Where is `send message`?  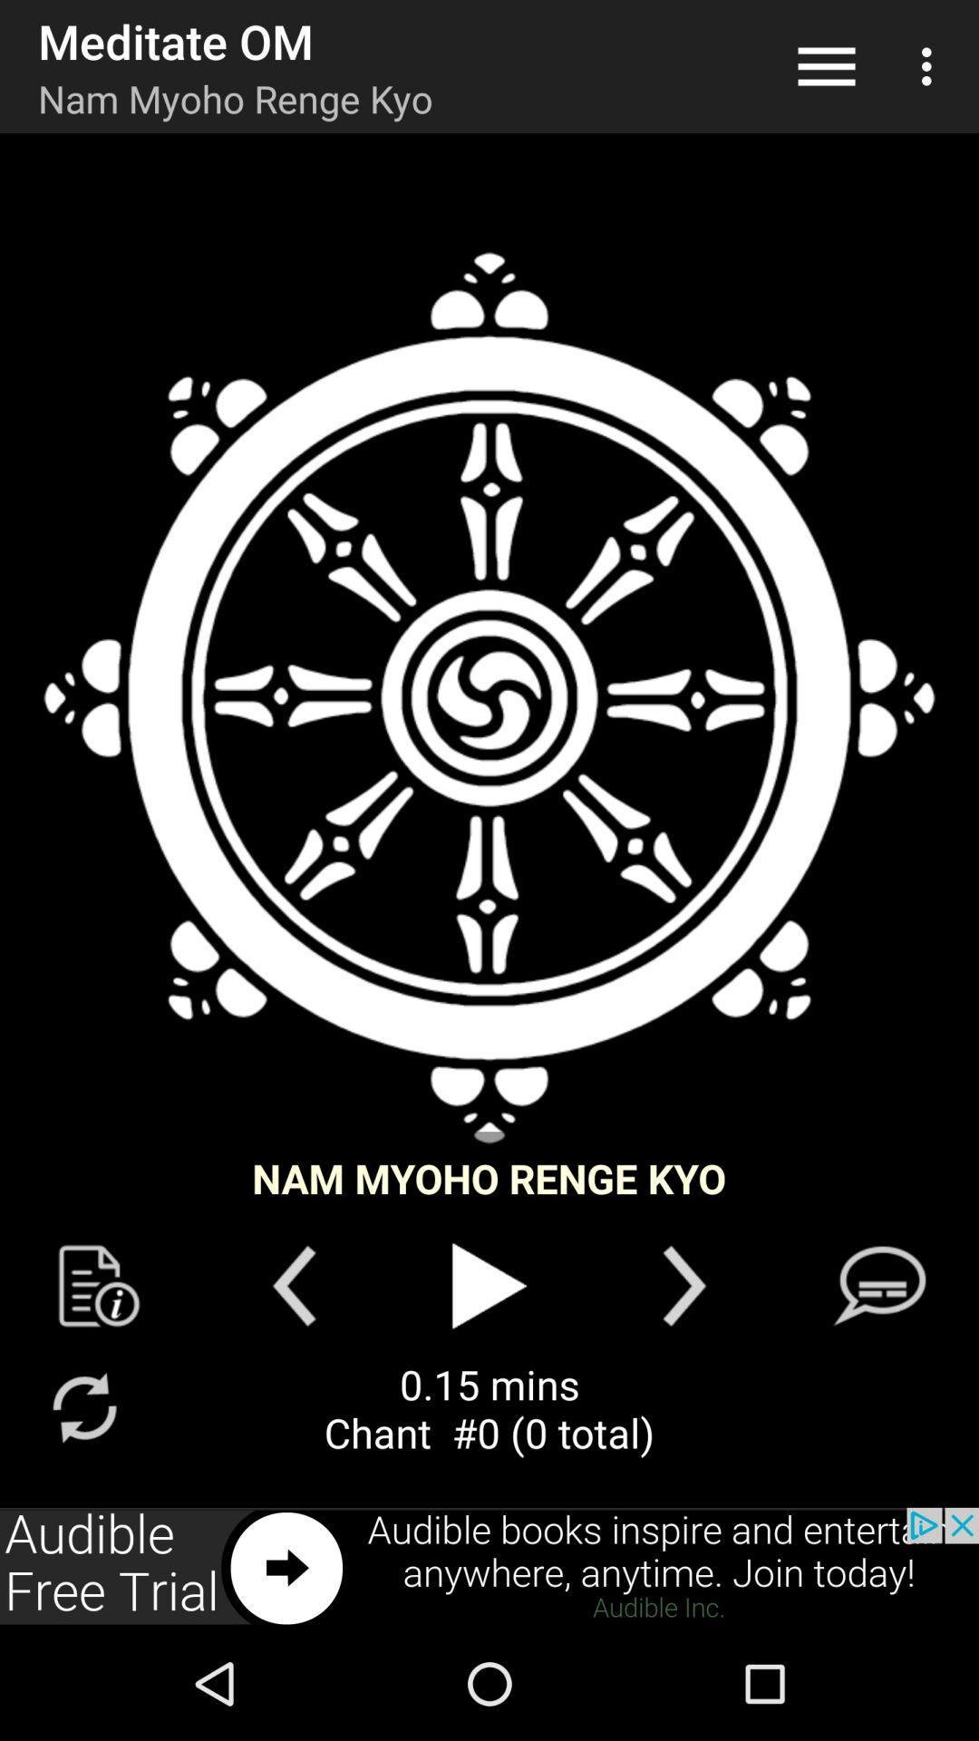 send message is located at coordinates (878, 1285).